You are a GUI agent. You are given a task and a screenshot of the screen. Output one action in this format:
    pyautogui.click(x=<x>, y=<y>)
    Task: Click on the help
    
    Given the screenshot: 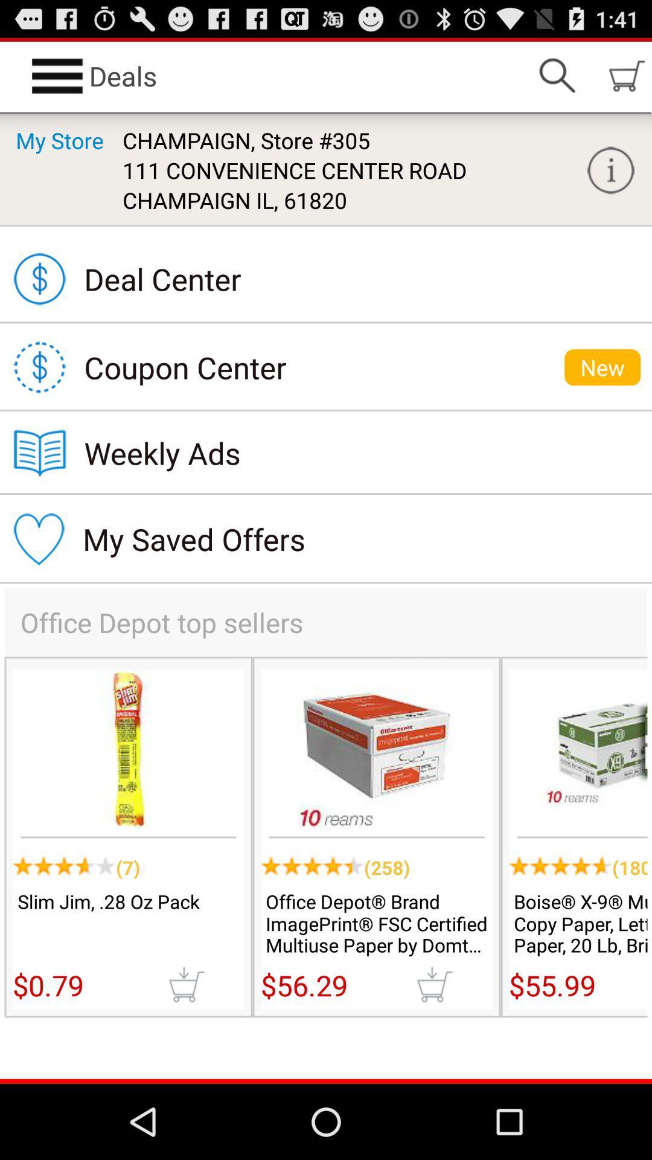 What is the action you would take?
    pyautogui.click(x=610, y=170)
    